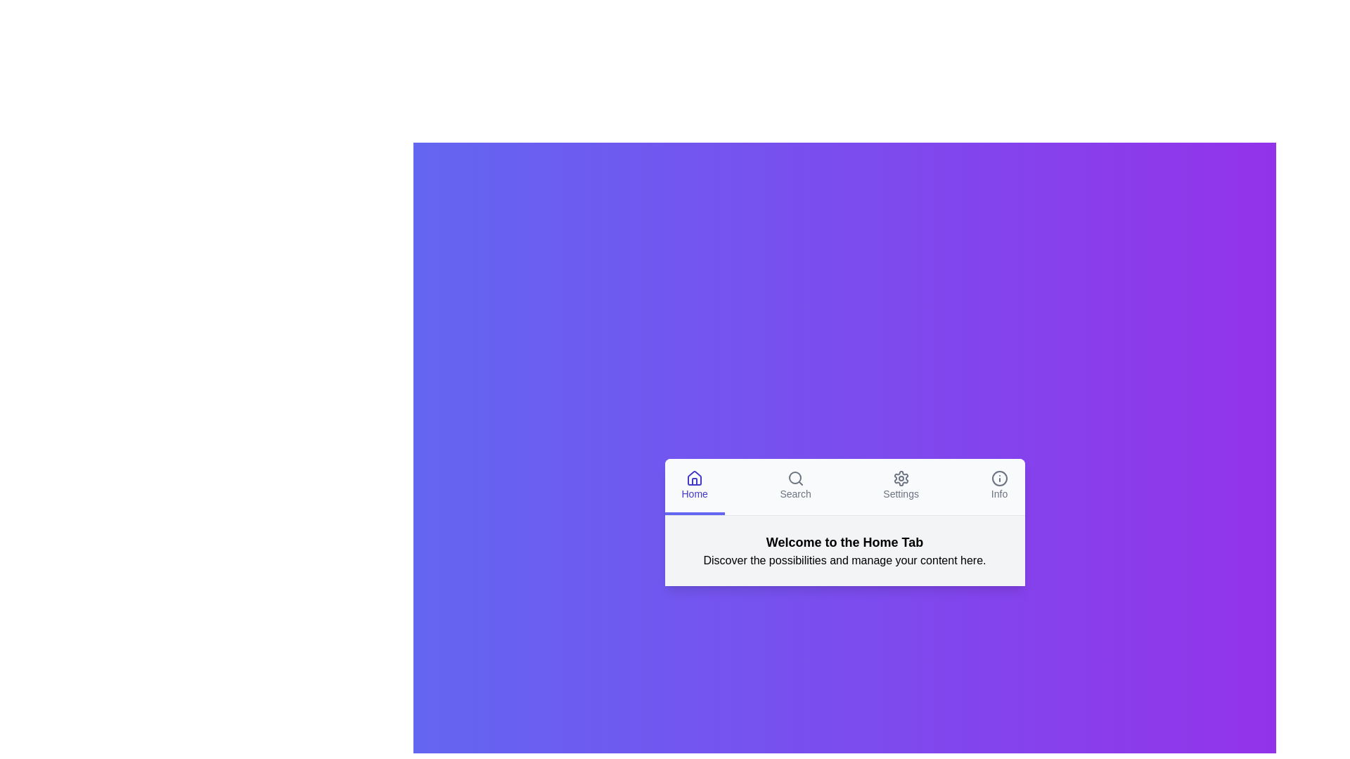 The width and height of the screenshot is (1350, 759). I want to click on the text label that serves as a heading or title, positioned centrally within the white box above the descriptive text, so click(844, 541).